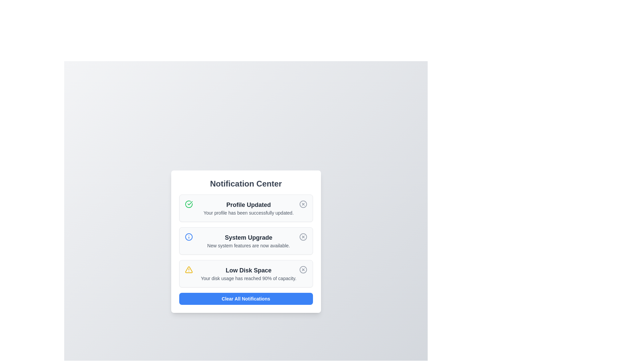  I want to click on the circular dismiss button with an 'X' mark inside it, located in the second notification of the 'Notification Center' next to the 'System Upgrade' text, so click(303, 237).